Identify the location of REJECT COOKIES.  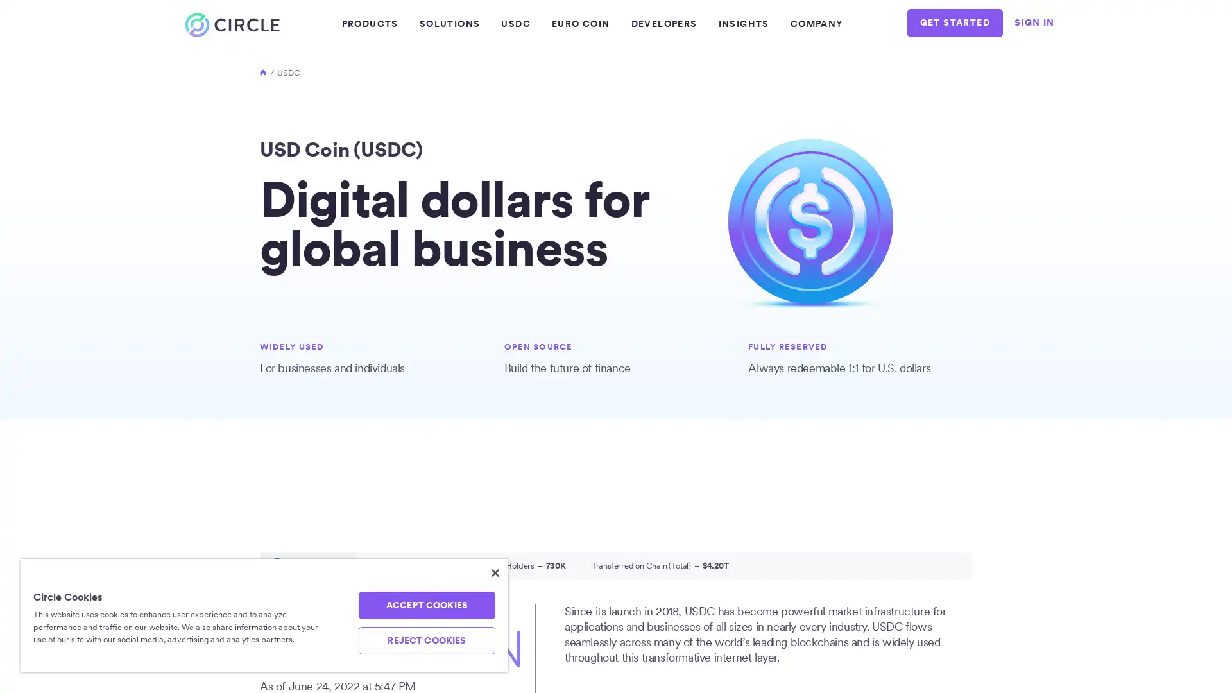
(426, 640).